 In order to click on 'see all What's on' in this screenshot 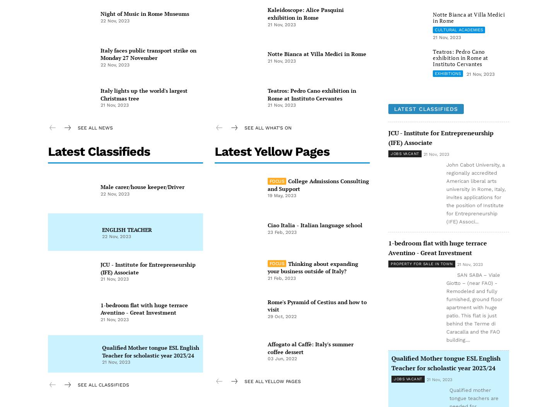, I will do `click(268, 128)`.